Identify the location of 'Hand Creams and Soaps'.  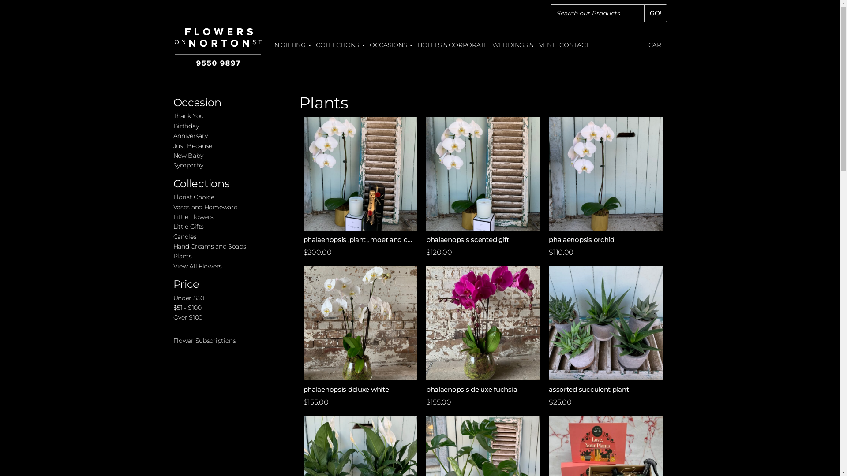
(209, 246).